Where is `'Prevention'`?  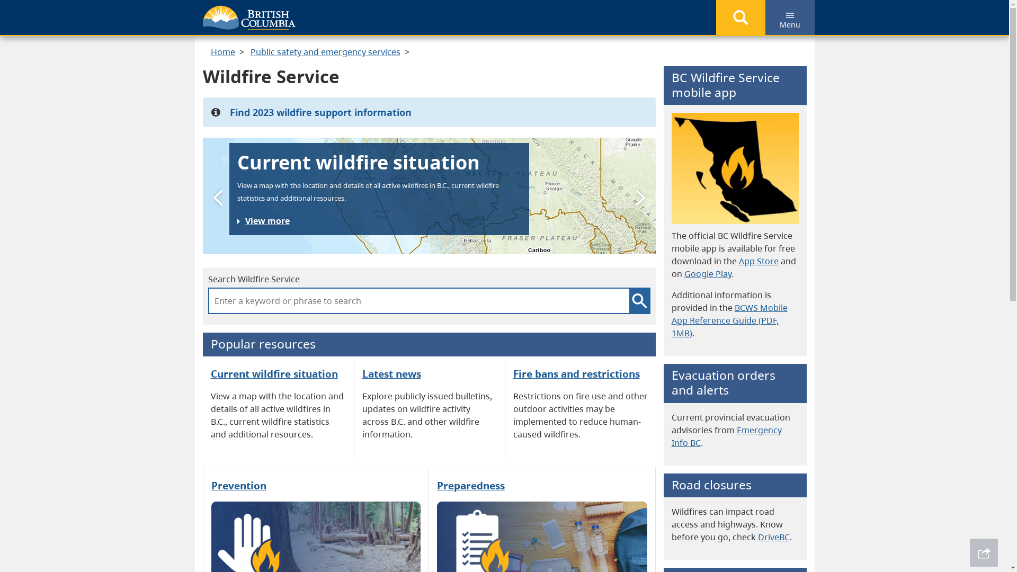 'Prevention' is located at coordinates (211, 485).